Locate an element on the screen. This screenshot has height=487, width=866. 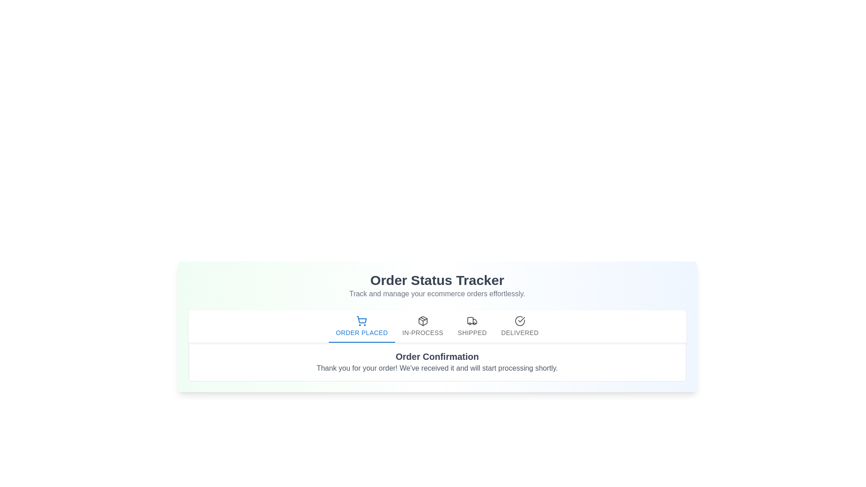
the Text block (header and subheader) that introduces the section with the title 'Order Status Tracker' and the subheading 'Track and manage your ecommerce orders effortlessly.' is located at coordinates (437, 285).